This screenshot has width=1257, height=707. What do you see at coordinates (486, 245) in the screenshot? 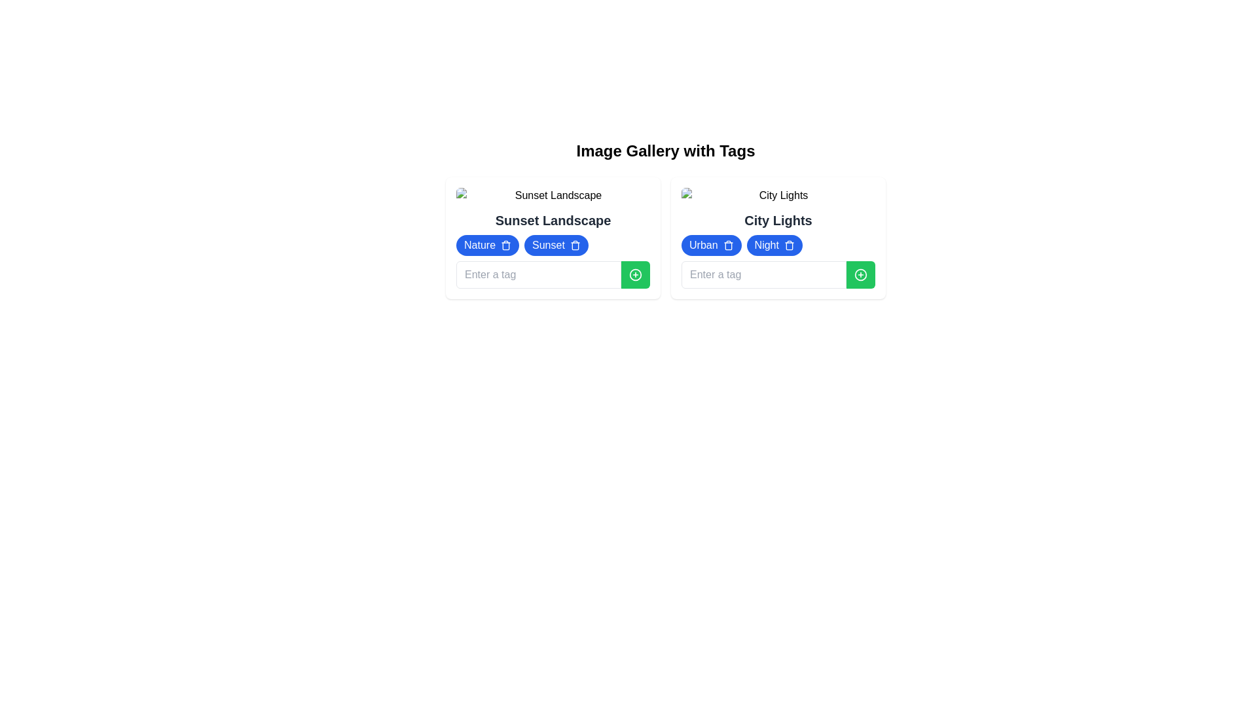
I see `the trash icon located on the first tag in the horizontal arrangement under the title of the 'Sunset Landscape' card` at bounding box center [486, 245].